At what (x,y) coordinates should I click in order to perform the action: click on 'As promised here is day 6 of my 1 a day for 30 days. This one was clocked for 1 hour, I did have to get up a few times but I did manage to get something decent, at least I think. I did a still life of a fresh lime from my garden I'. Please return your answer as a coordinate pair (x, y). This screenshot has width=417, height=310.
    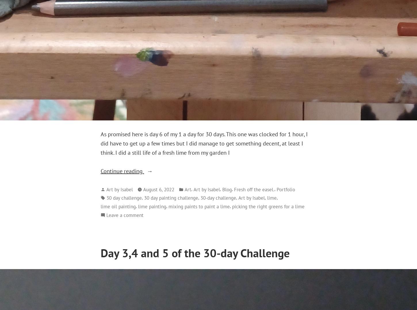
    Looking at the image, I should click on (204, 143).